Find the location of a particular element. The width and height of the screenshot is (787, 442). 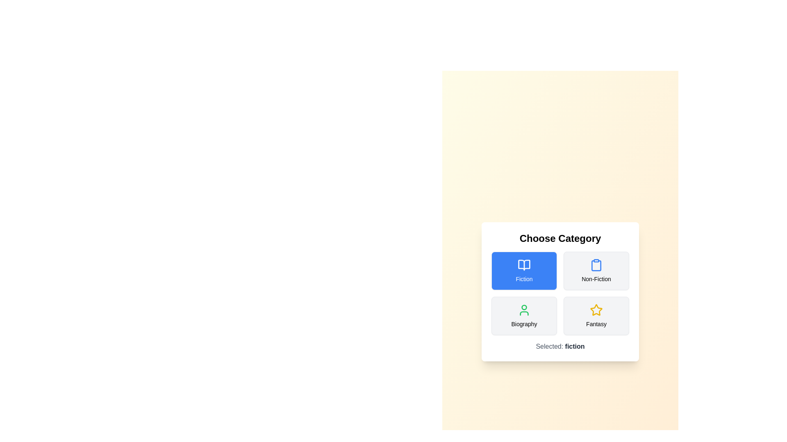

the category Fantasy by clicking its button is located at coordinates (596, 315).